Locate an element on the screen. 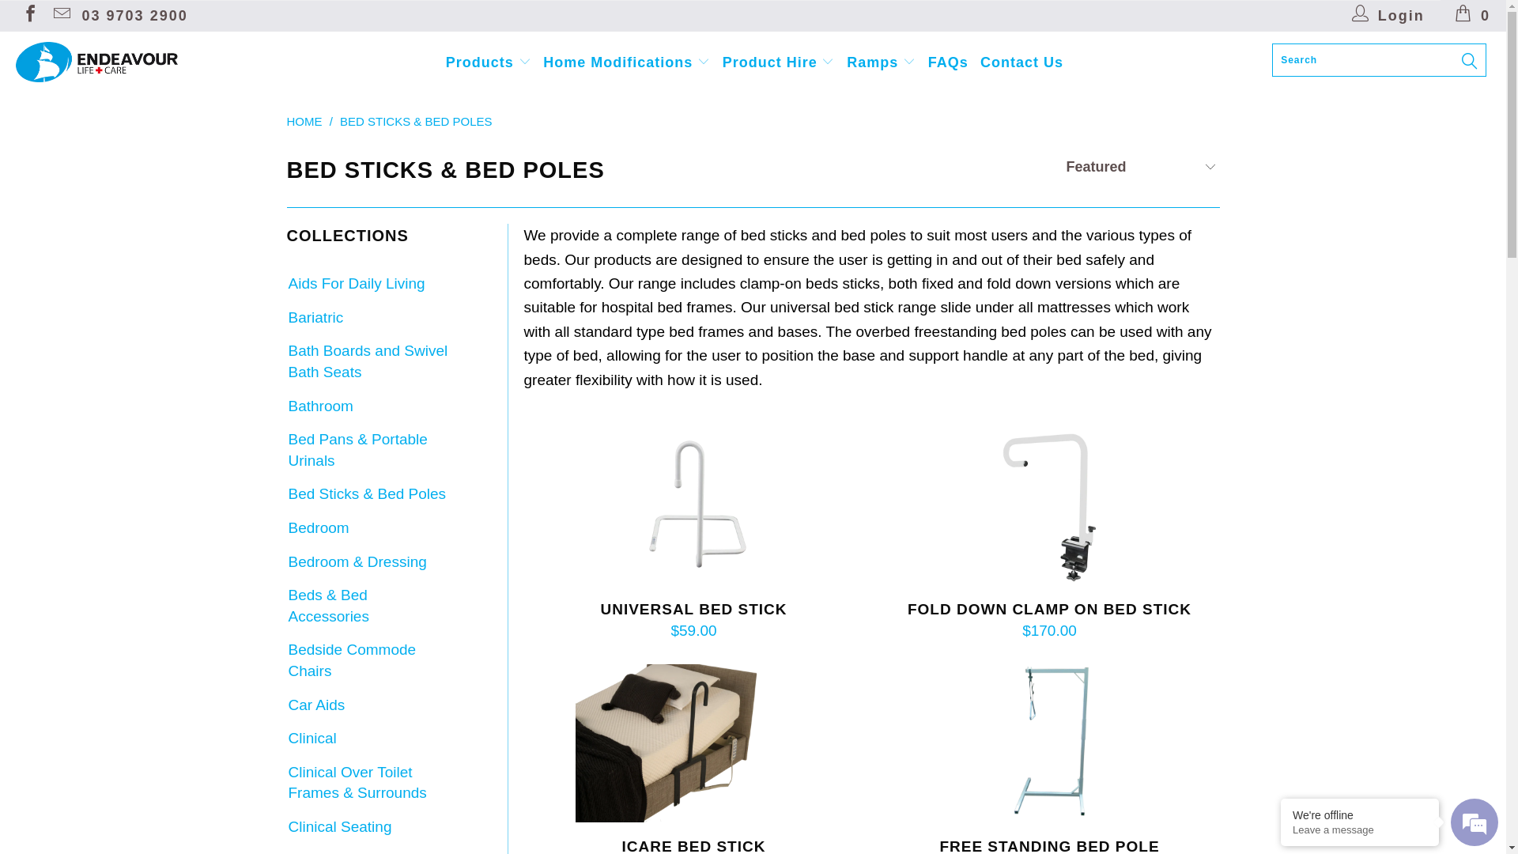 The image size is (1518, 854). 'Bedroom' is located at coordinates (316, 528).